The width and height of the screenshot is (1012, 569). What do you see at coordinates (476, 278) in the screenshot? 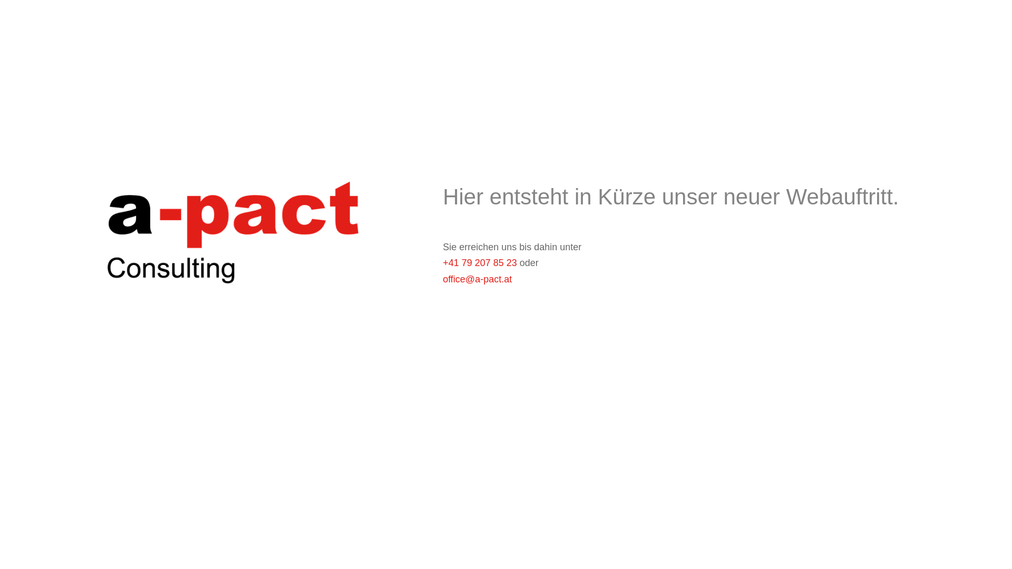
I see `'office@a-pact.at'` at bounding box center [476, 278].